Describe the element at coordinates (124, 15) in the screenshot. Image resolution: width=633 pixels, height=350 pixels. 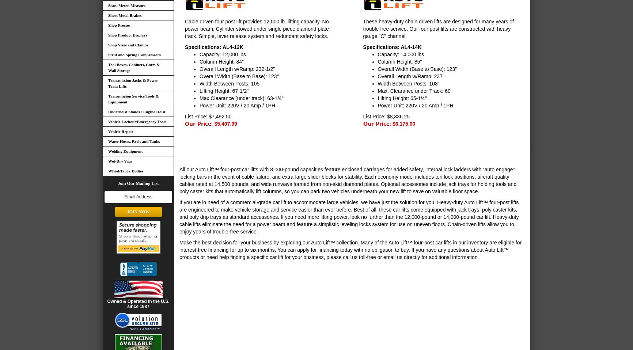
I see `'Sheet Metal Brakes'` at that location.